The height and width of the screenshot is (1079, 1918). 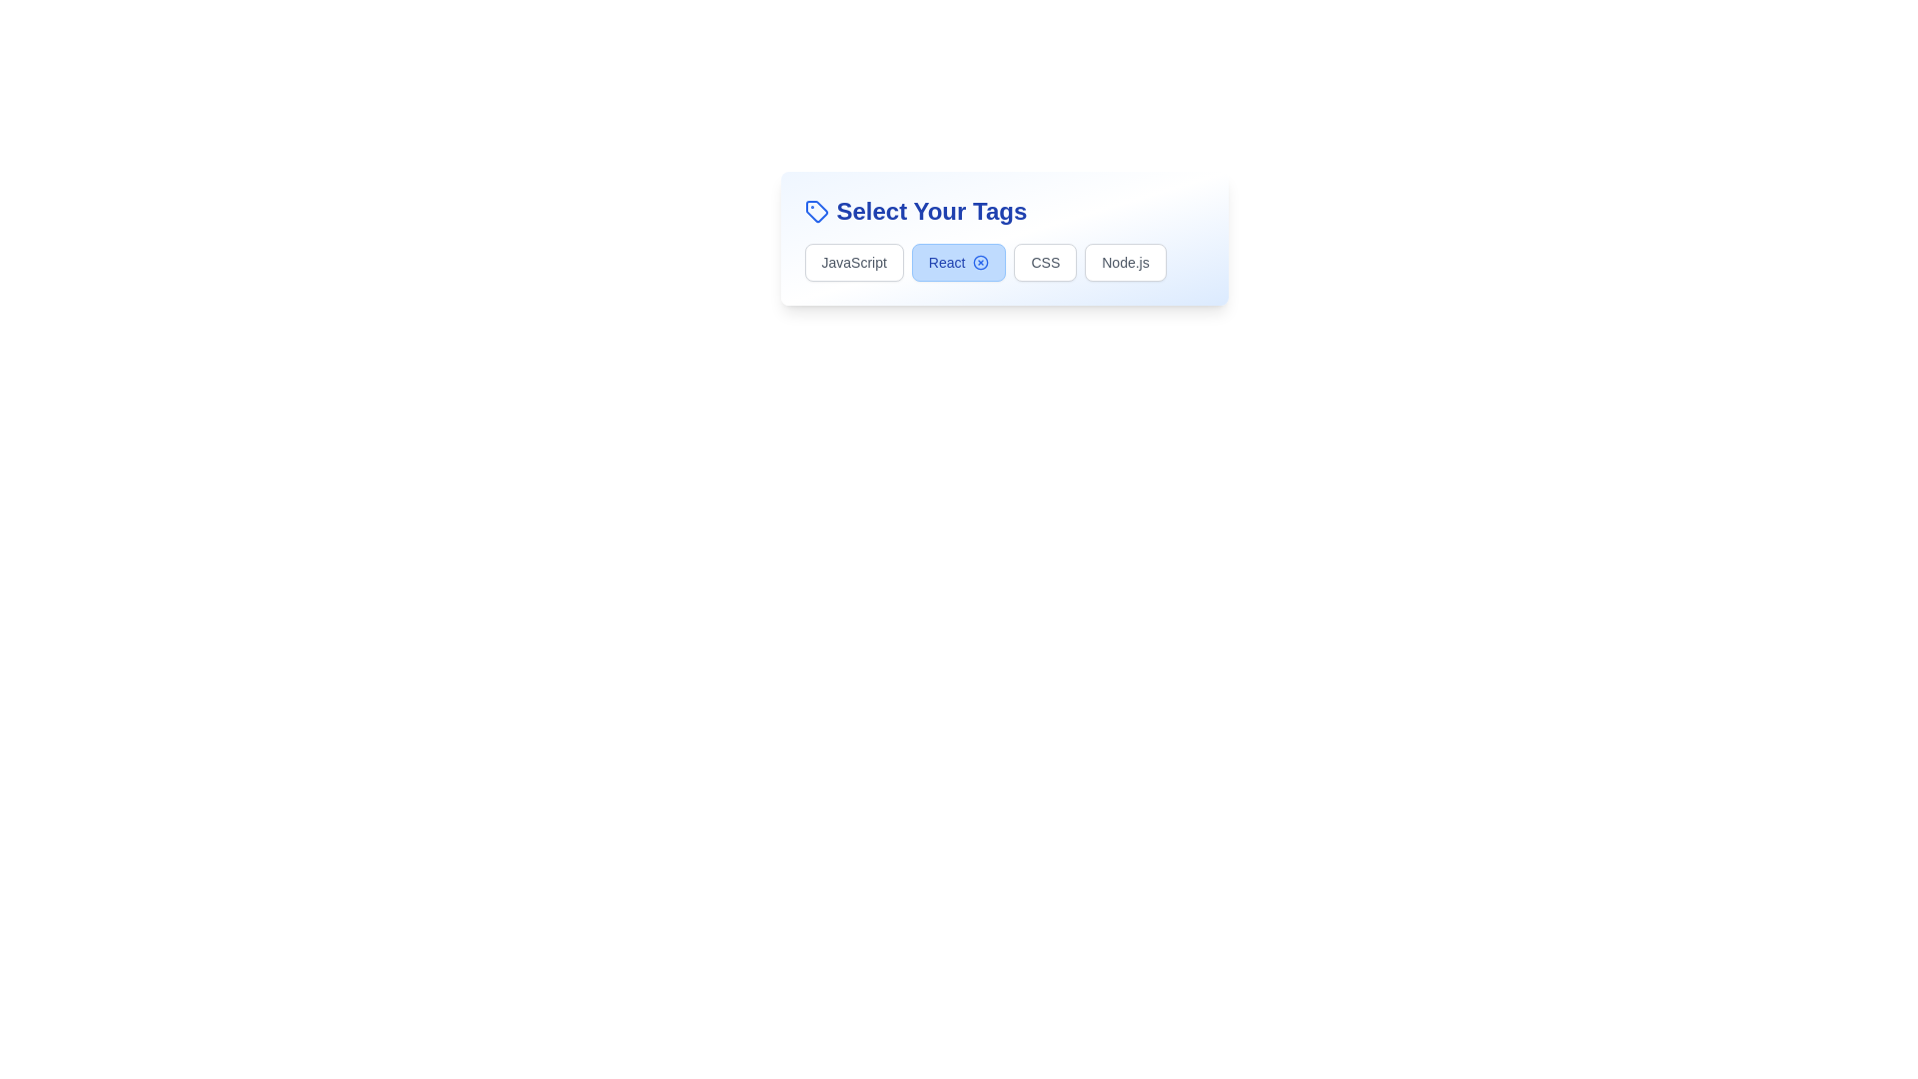 I want to click on the 'CSS' selection button located centrally below the heading 'Select Your Tags', so click(x=1044, y=261).